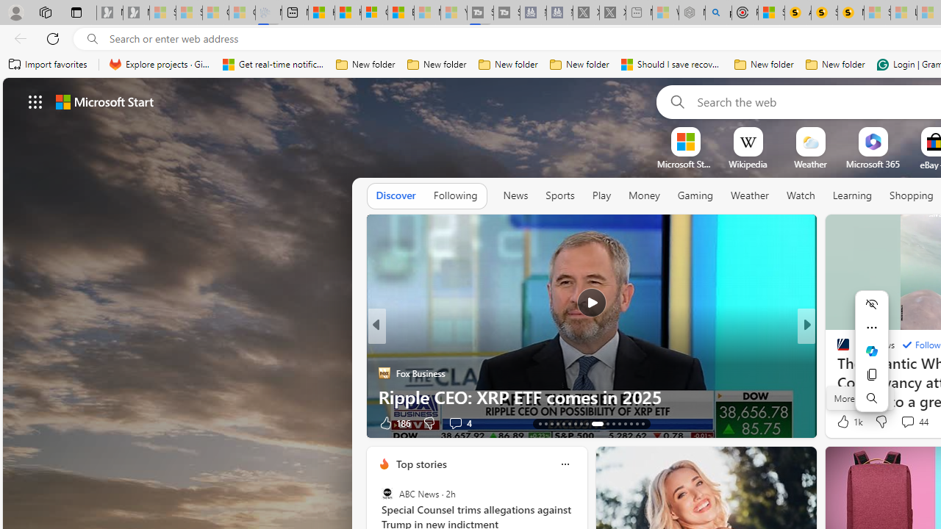 Image resolution: width=941 pixels, height=529 pixels. What do you see at coordinates (597, 424) in the screenshot?
I see `'AutomationID: tab-22'` at bounding box center [597, 424].